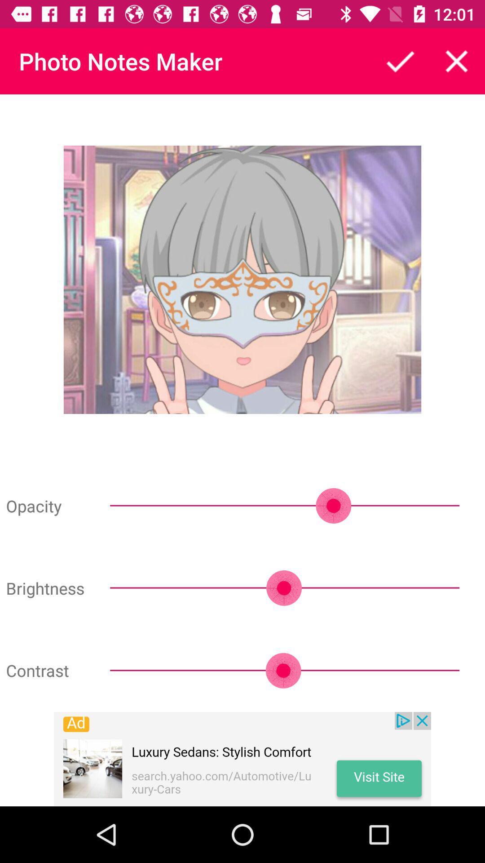 The image size is (485, 863). What do you see at coordinates (242, 759) in the screenshot?
I see `open advertisement` at bounding box center [242, 759].